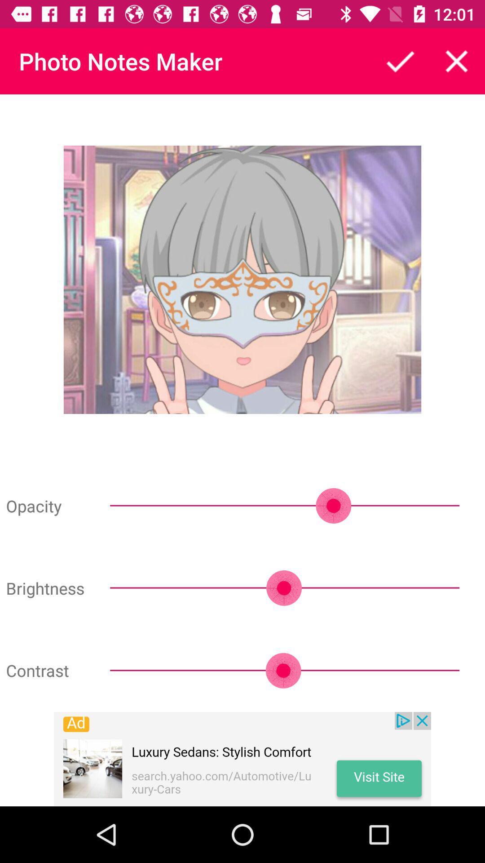 The image size is (485, 863). What do you see at coordinates (242, 759) in the screenshot?
I see `open advertisement` at bounding box center [242, 759].